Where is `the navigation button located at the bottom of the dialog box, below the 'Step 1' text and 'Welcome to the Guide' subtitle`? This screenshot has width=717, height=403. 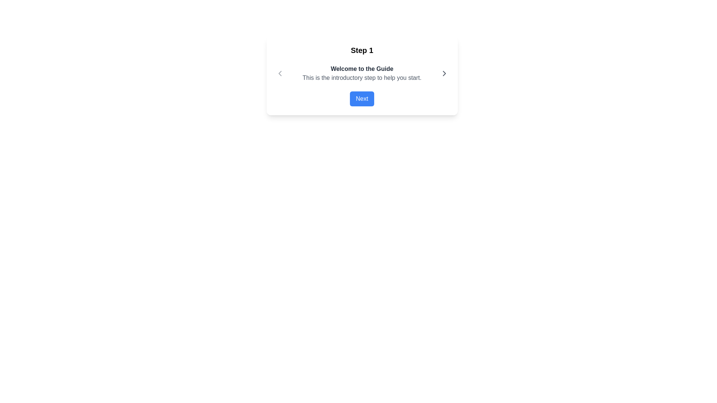
the navigation button located at the bottom of the dialog box, below the 'Step 1' text and 'Welcome to the Guide' subtitle is located at coordinates (362, 99).